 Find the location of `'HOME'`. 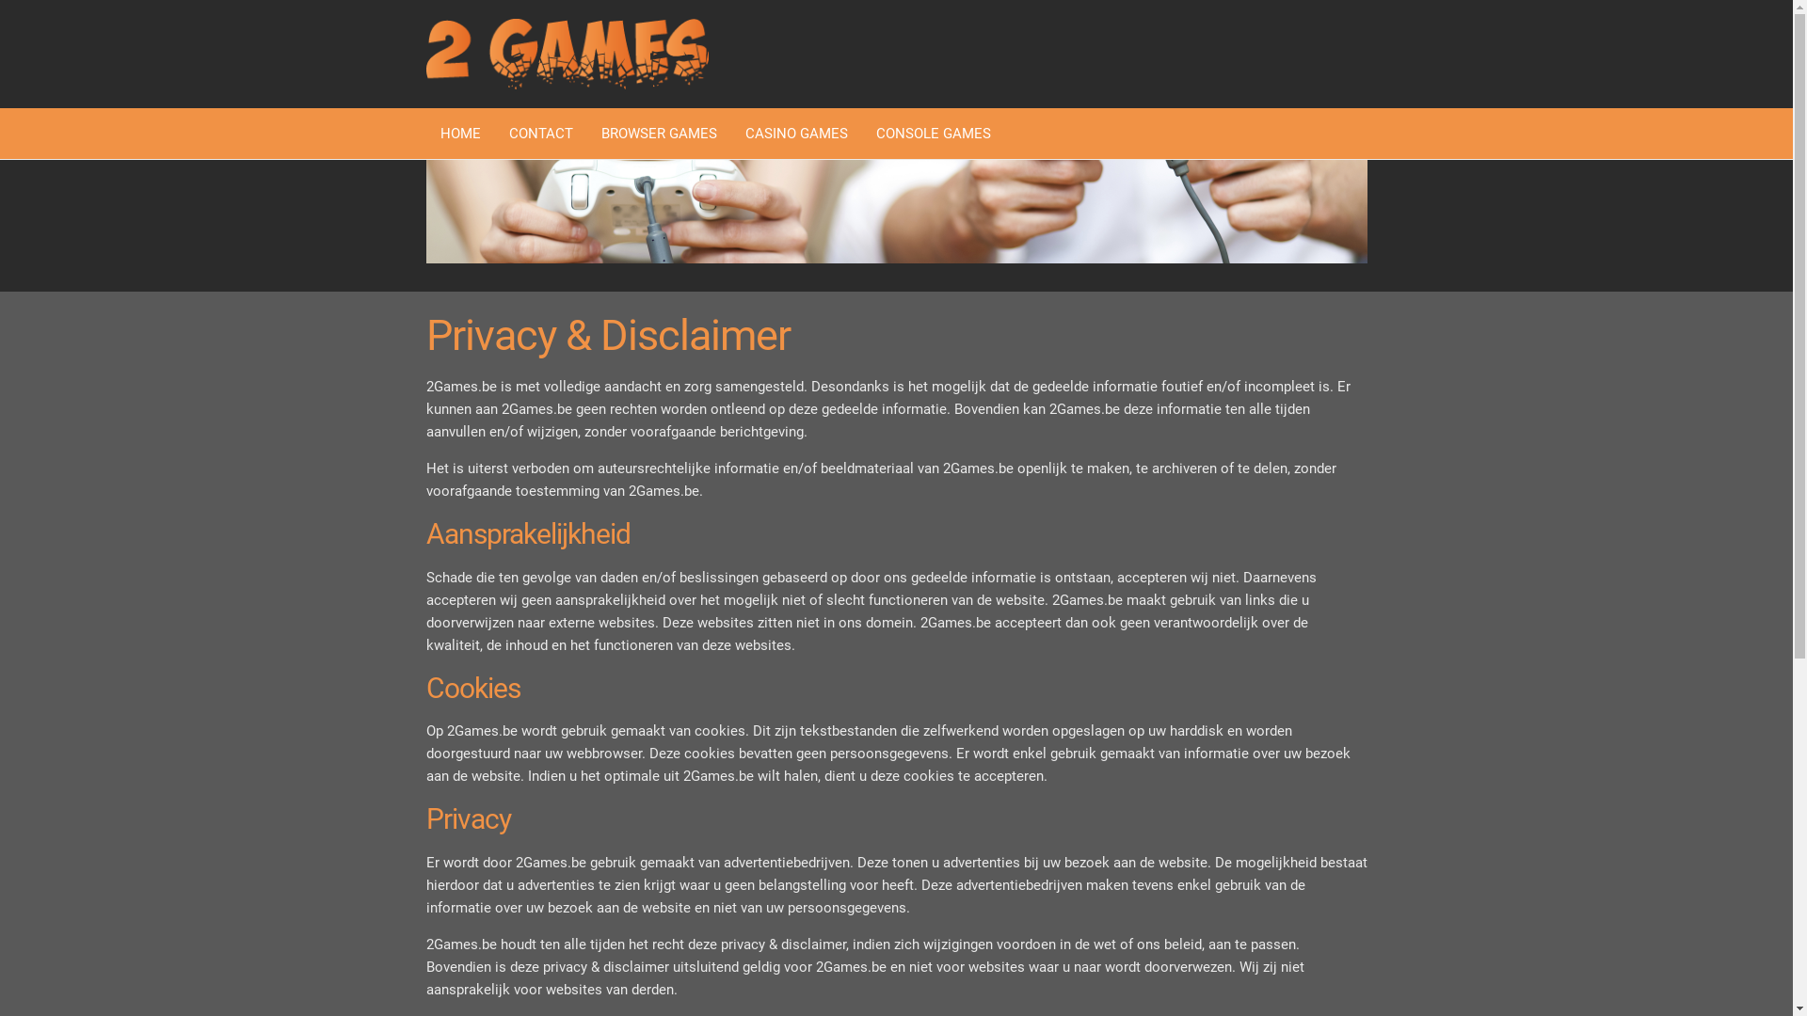

'HOME' is located at coordinates (424, 133).